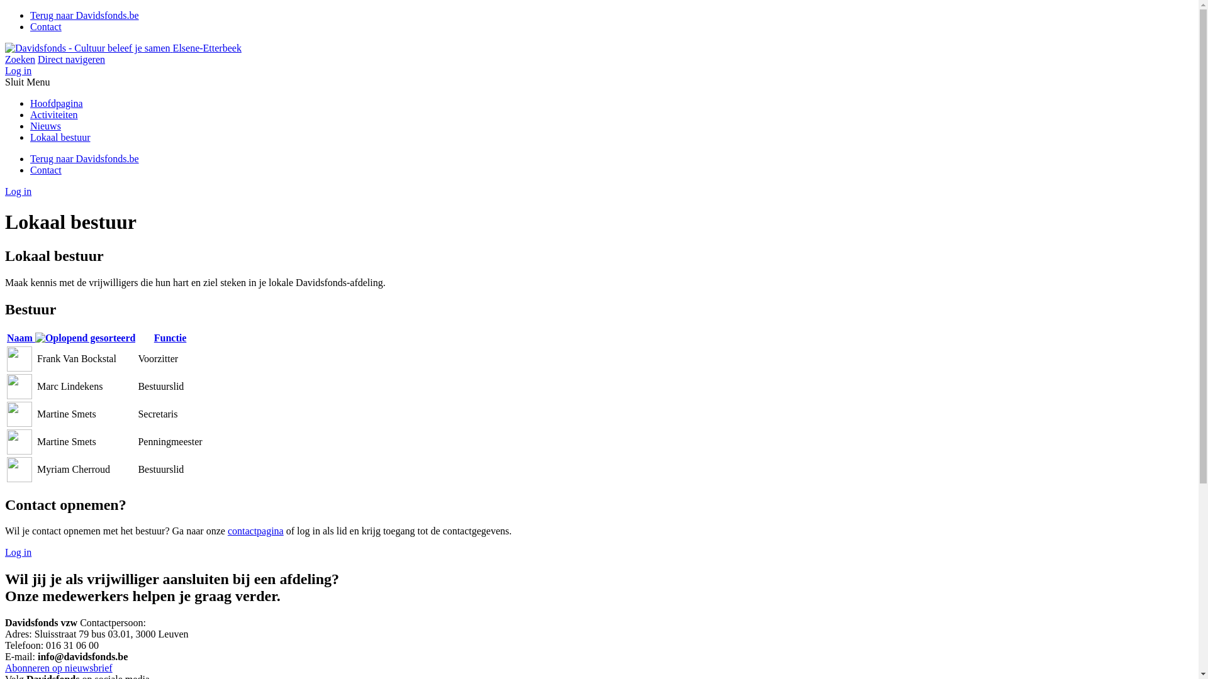 The height and width of the screenshot is (679, 1208). I want to click on 'Nieuws', so click(30, 126).